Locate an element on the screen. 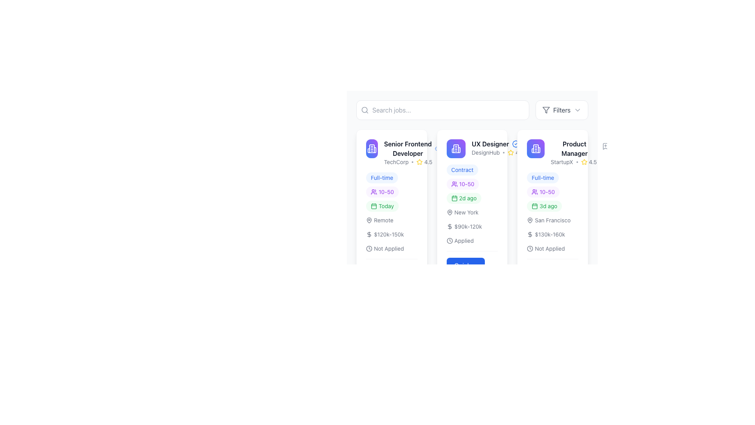  the informative text block located at the bottom of the leftmost job card titled 'Senior Frontend Developer', which provides details about the job posting such as location, salary range, and application status is located at coordinates (392, 234).